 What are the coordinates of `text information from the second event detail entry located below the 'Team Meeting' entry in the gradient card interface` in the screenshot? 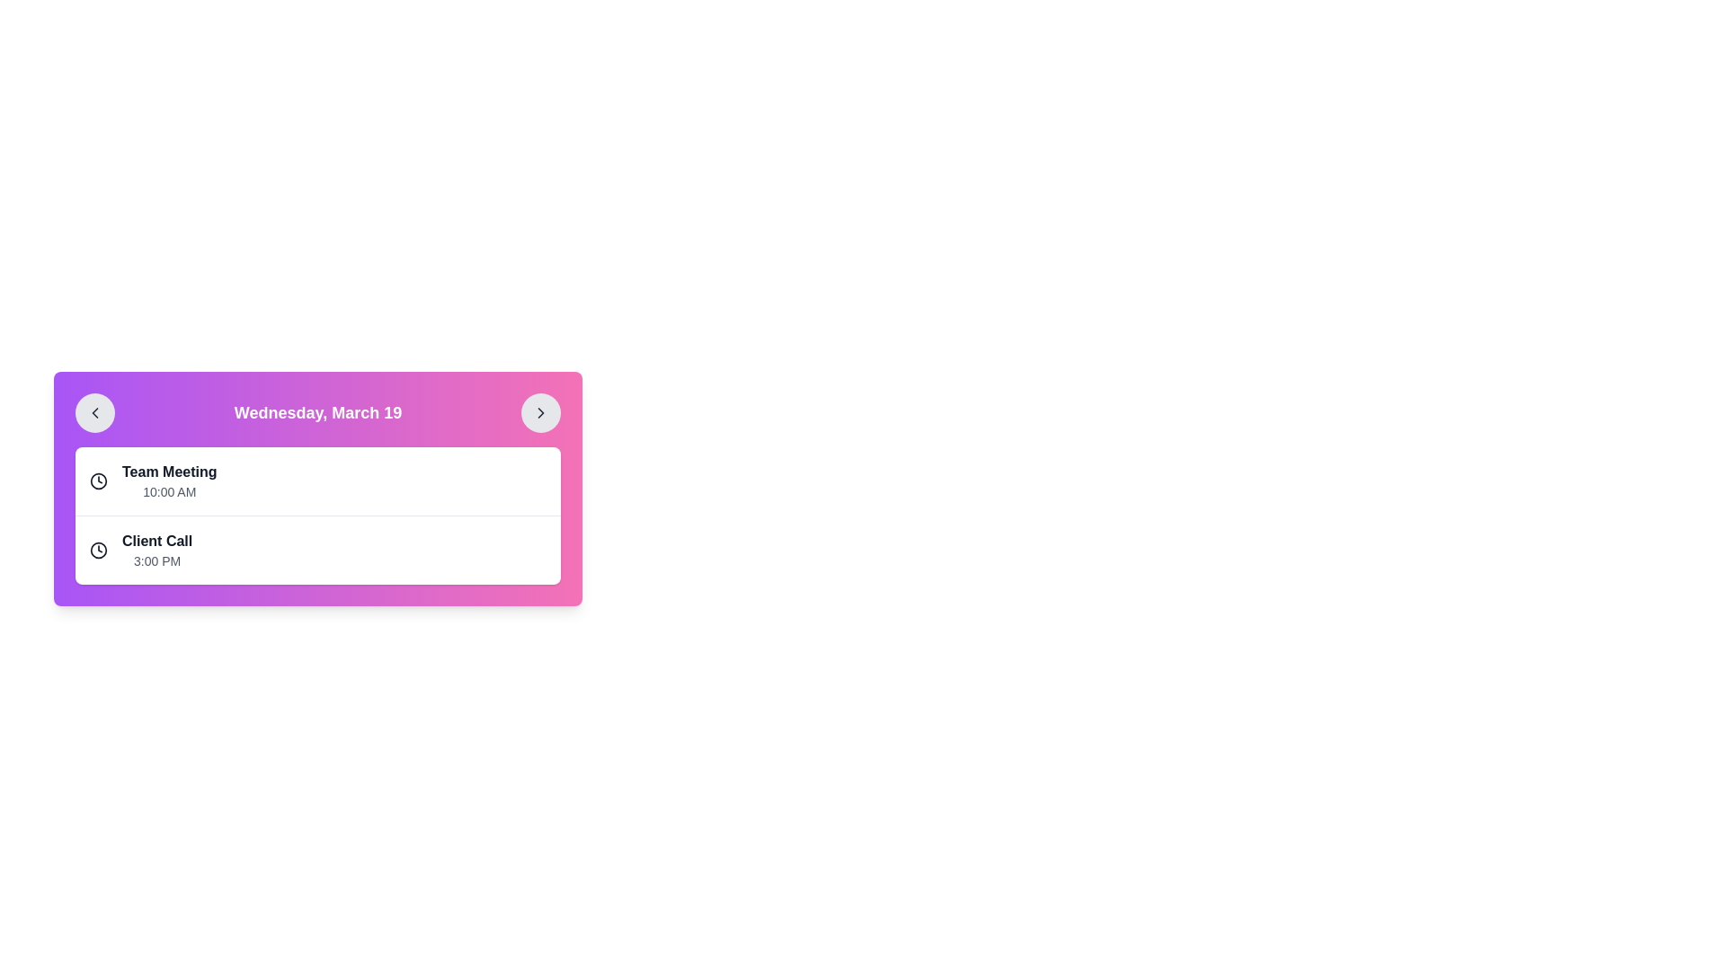 It's located at (318, 579).